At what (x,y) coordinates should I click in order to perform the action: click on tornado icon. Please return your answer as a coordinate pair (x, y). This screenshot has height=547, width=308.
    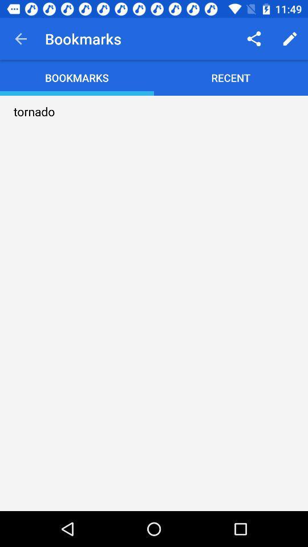
    Looking at the image, I should click on (34, 111).